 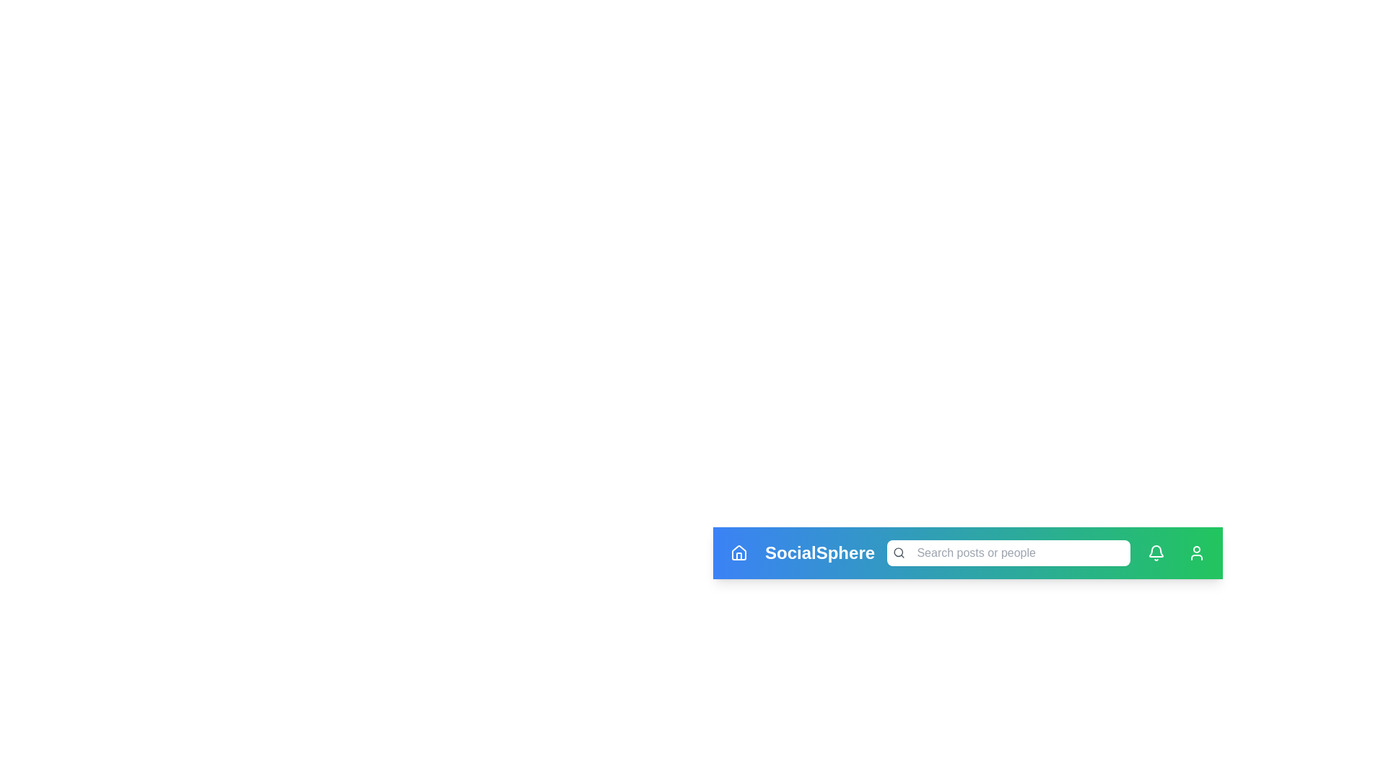 What do you see at coordinates (1196, 553) in the screenshot?
I see `the user icon to open the profile menu` at bounding box center [1196, 553].